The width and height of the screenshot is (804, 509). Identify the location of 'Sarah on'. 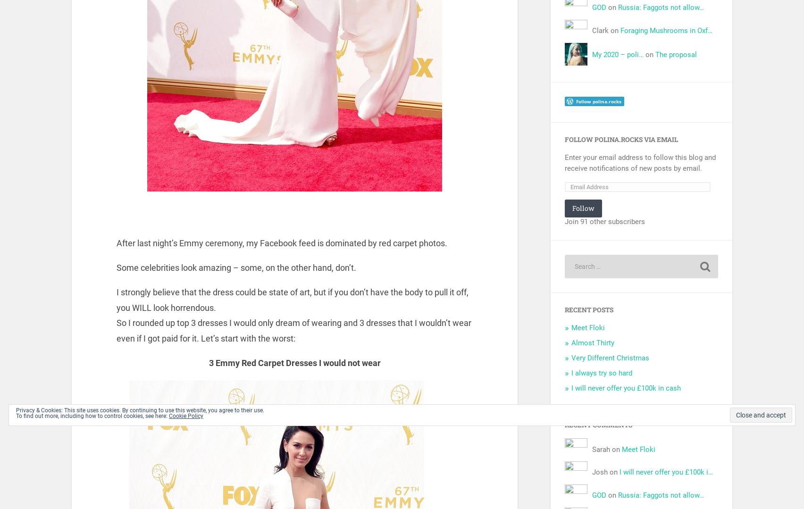
(607, 449).